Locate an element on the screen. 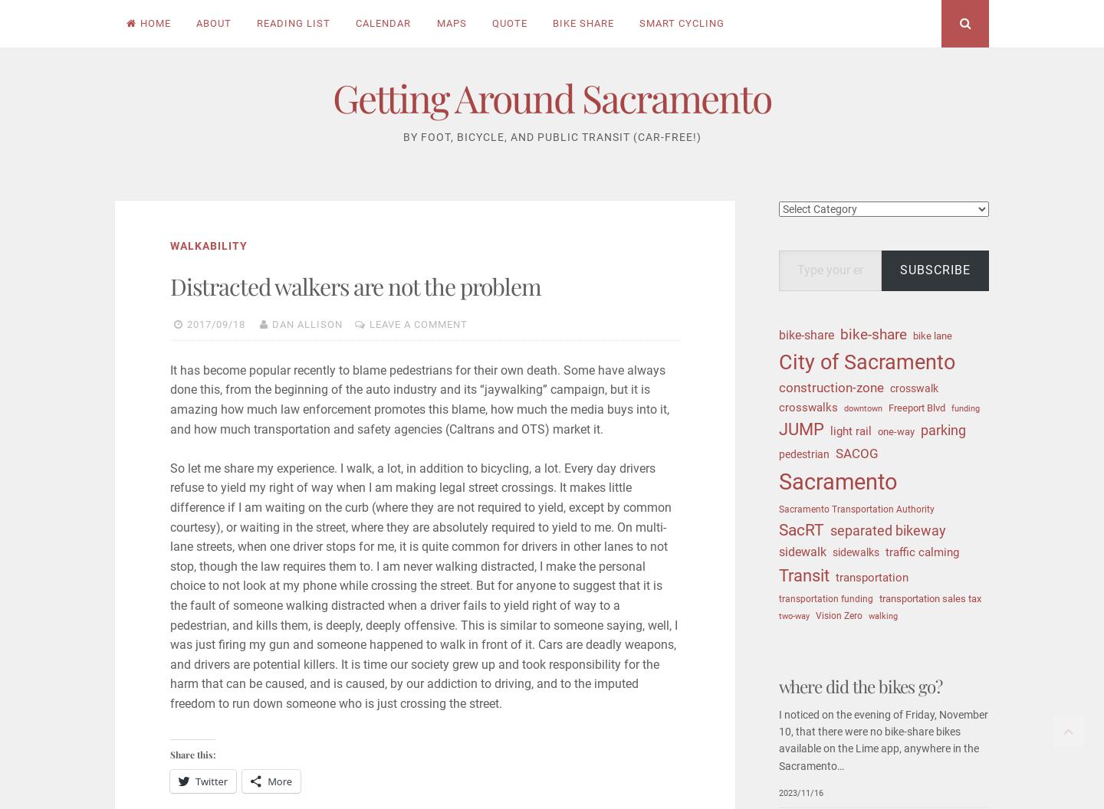  'bike lane' is located at coordinates (932, 335).